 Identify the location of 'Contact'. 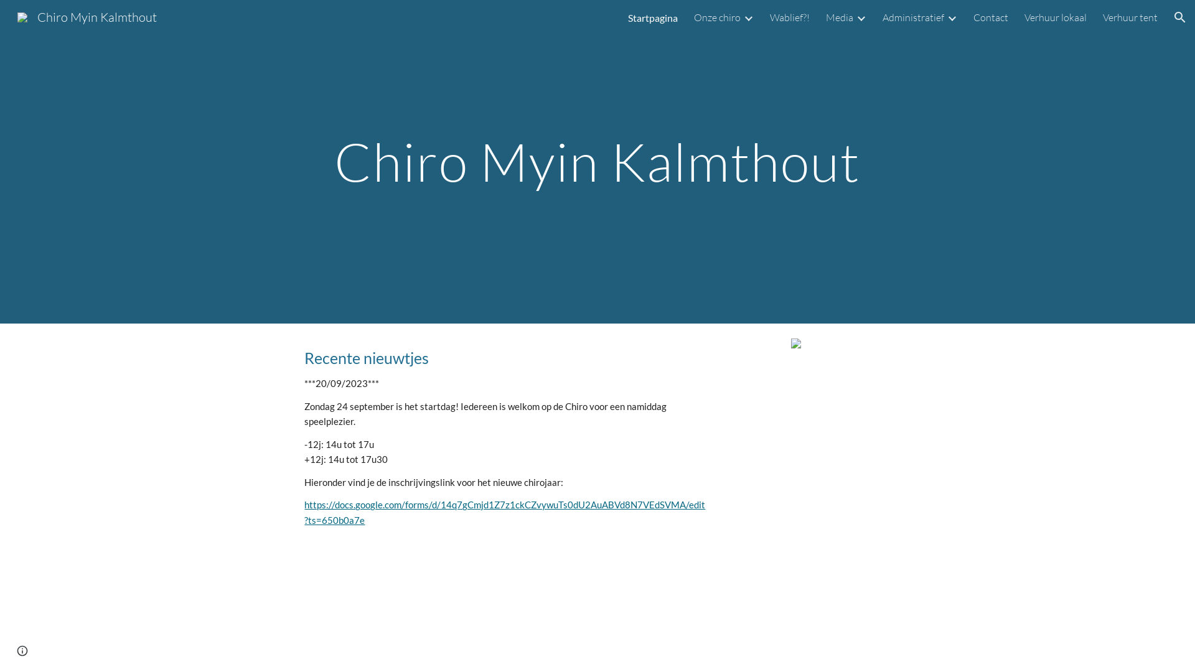
(990, 17).